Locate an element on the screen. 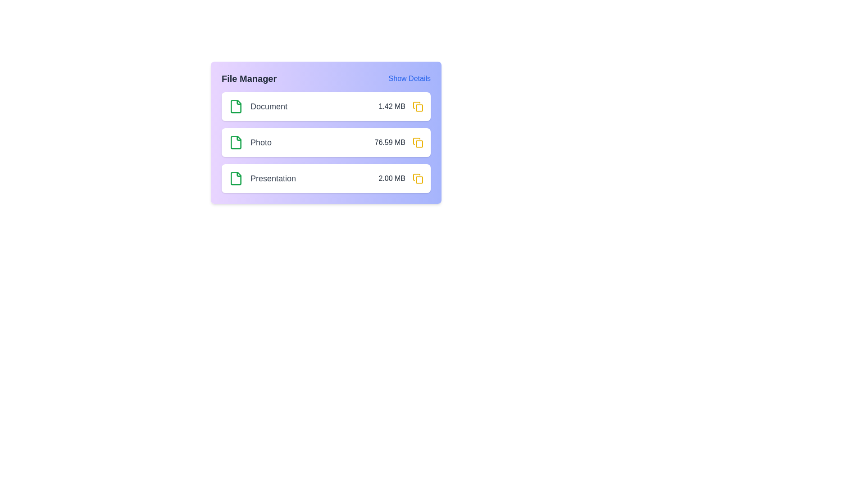 This screenshot has height=486, width=865. the text label that displays the size of the associated file, located to the right of the 'Document' label in the first row of the file listing interface is located at coordinates (401, 106).